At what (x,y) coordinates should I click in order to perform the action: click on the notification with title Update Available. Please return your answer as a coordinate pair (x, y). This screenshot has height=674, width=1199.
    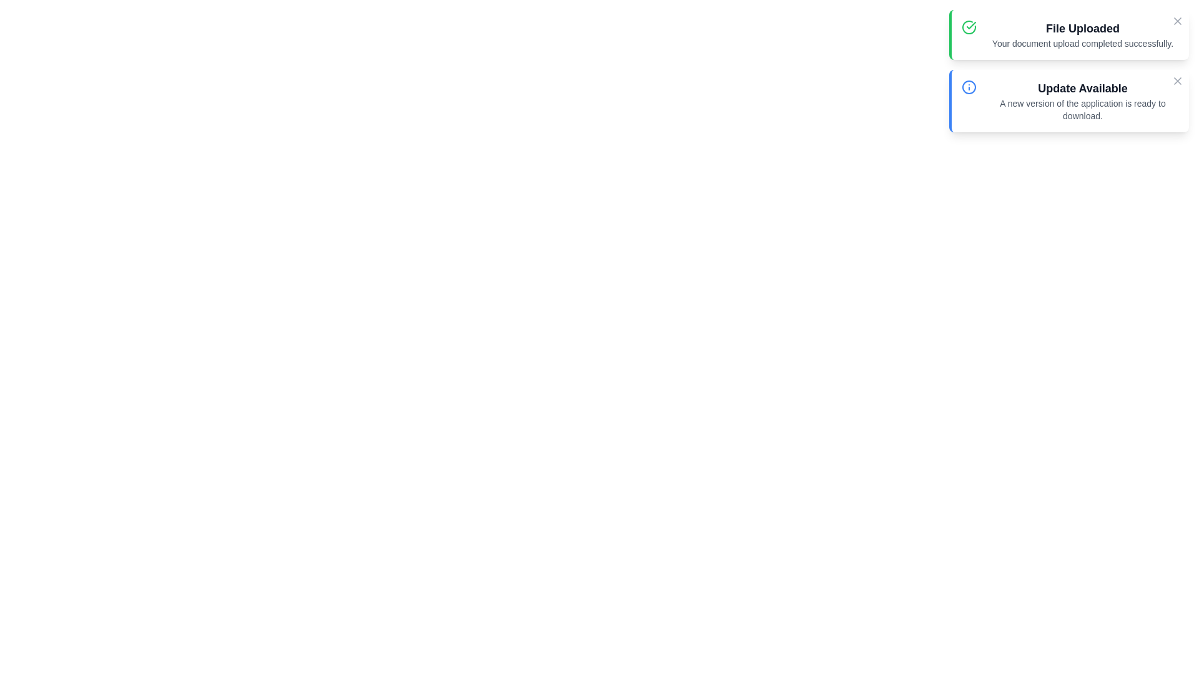
    Looking at the image, I should click on (1068, 100).